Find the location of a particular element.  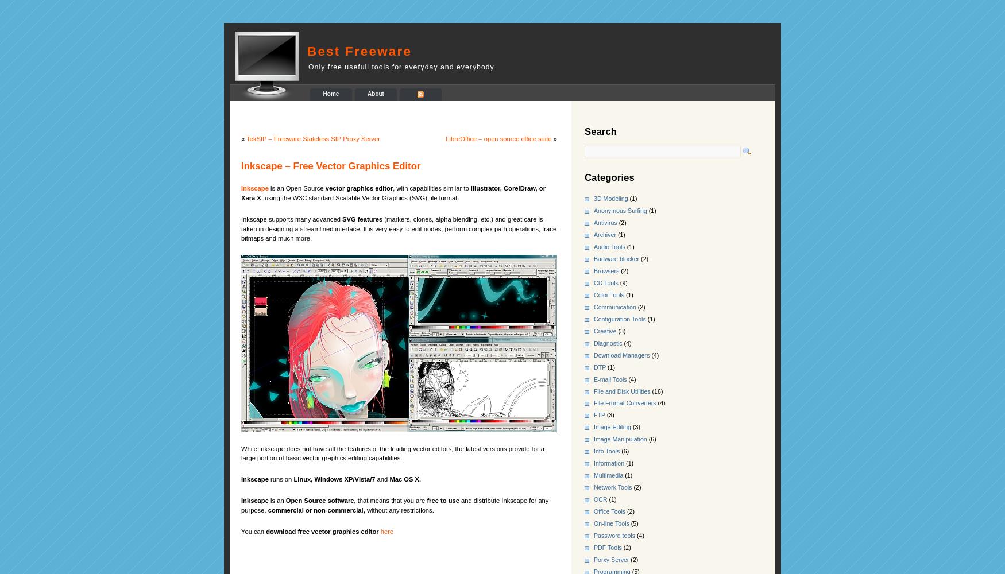

'Info Tools' is located at coordinates (606, 451).